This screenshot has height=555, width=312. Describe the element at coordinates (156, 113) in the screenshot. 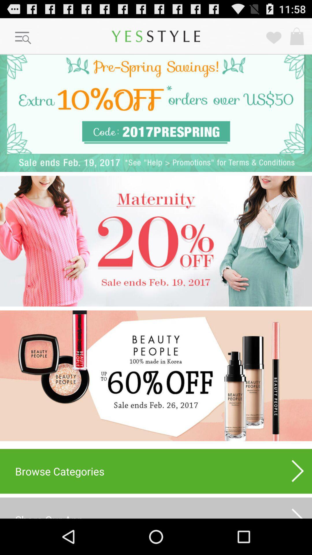

I see `coupon link` at that location.